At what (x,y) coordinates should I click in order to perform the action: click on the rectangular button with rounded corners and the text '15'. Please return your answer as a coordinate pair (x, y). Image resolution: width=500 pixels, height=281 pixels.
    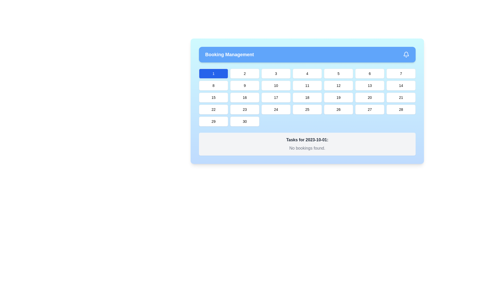
    Looking at the image, I should click on (214, 97).